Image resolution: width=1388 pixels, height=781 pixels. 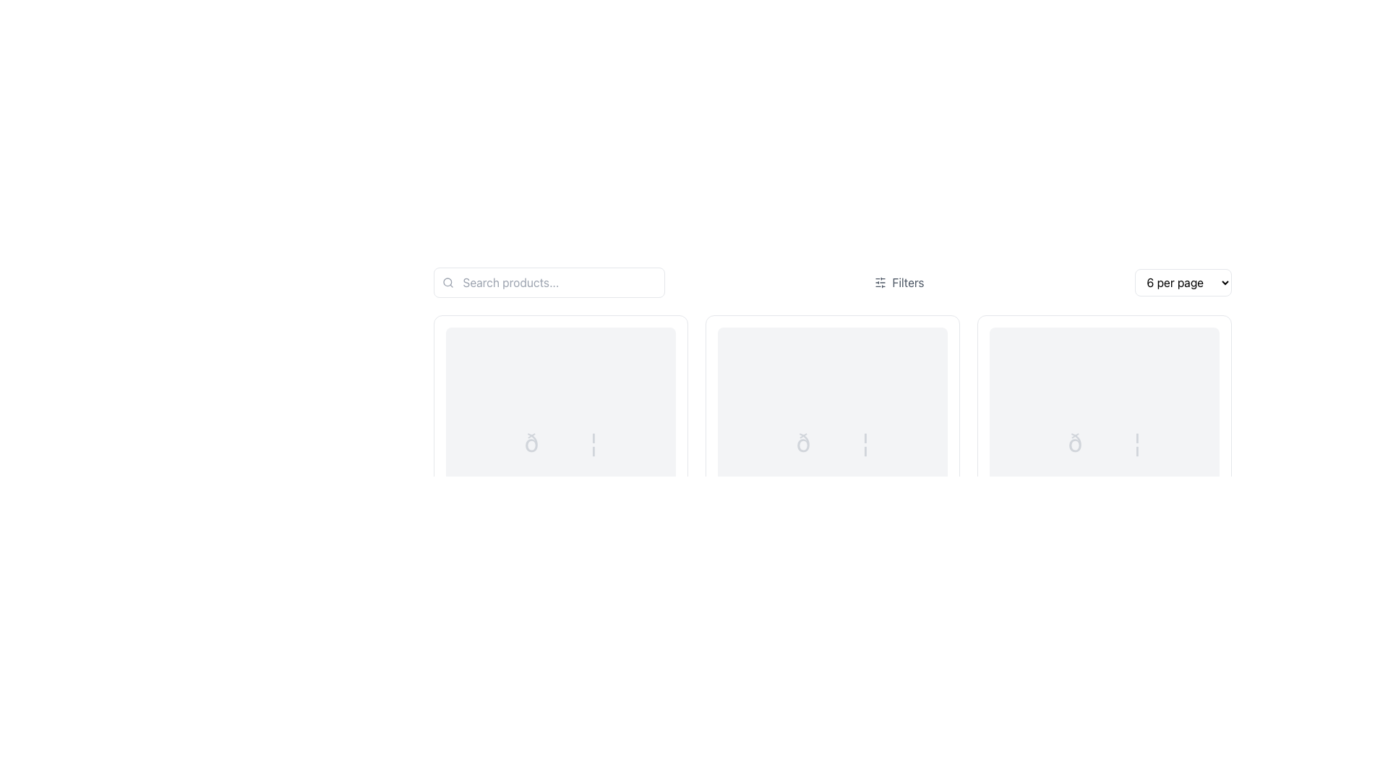 I want to click on the details displayed on the first card component in the catalog, which provides information about the product's name, price, and category, so click(x=560, y=470).